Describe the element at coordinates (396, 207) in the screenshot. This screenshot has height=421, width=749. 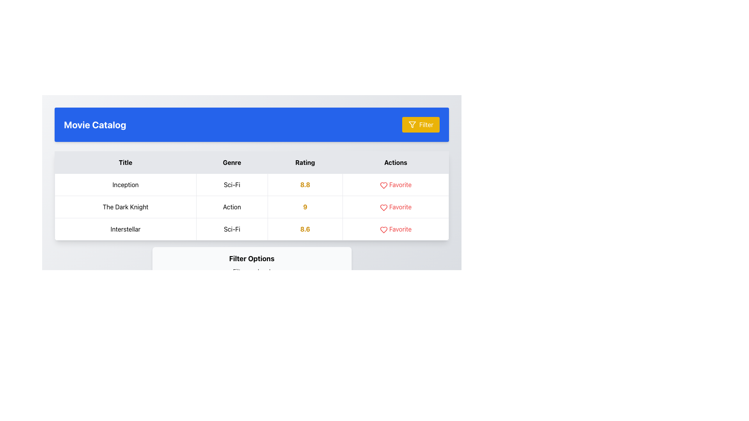
I see `the second 'Favorite' button in the 'Actions' column of the table for the movie 'The Dark Knight'` at that location.